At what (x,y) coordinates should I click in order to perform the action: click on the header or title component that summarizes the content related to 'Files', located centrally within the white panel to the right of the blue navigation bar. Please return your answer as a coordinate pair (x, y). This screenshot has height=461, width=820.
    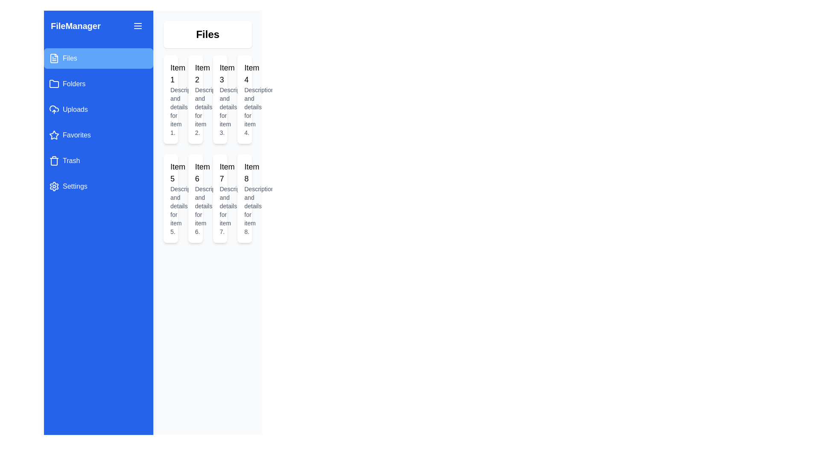
    Looking at the image, I should click on (208, 34).